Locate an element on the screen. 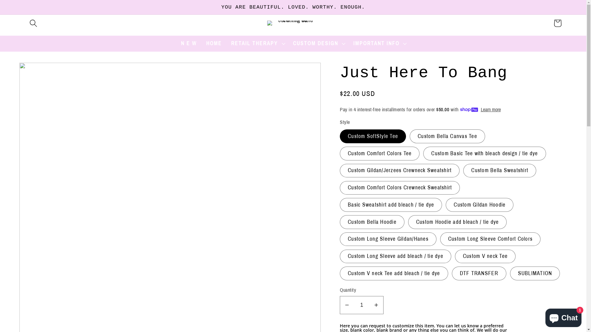  'Shopify online store chat' is located at coordinates (563, 316).